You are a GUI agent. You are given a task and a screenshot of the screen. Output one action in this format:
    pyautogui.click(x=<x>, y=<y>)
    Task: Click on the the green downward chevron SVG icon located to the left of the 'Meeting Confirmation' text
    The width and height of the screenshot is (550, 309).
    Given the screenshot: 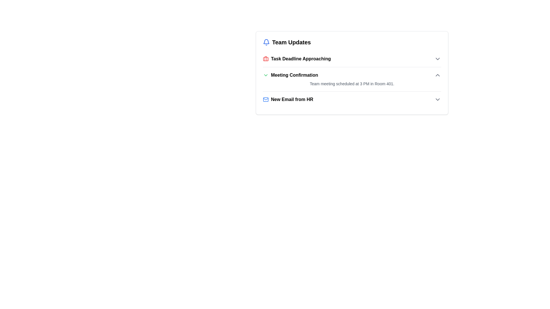 What is the action you would take?
    pyautogui.click(x=265, y=75)
    